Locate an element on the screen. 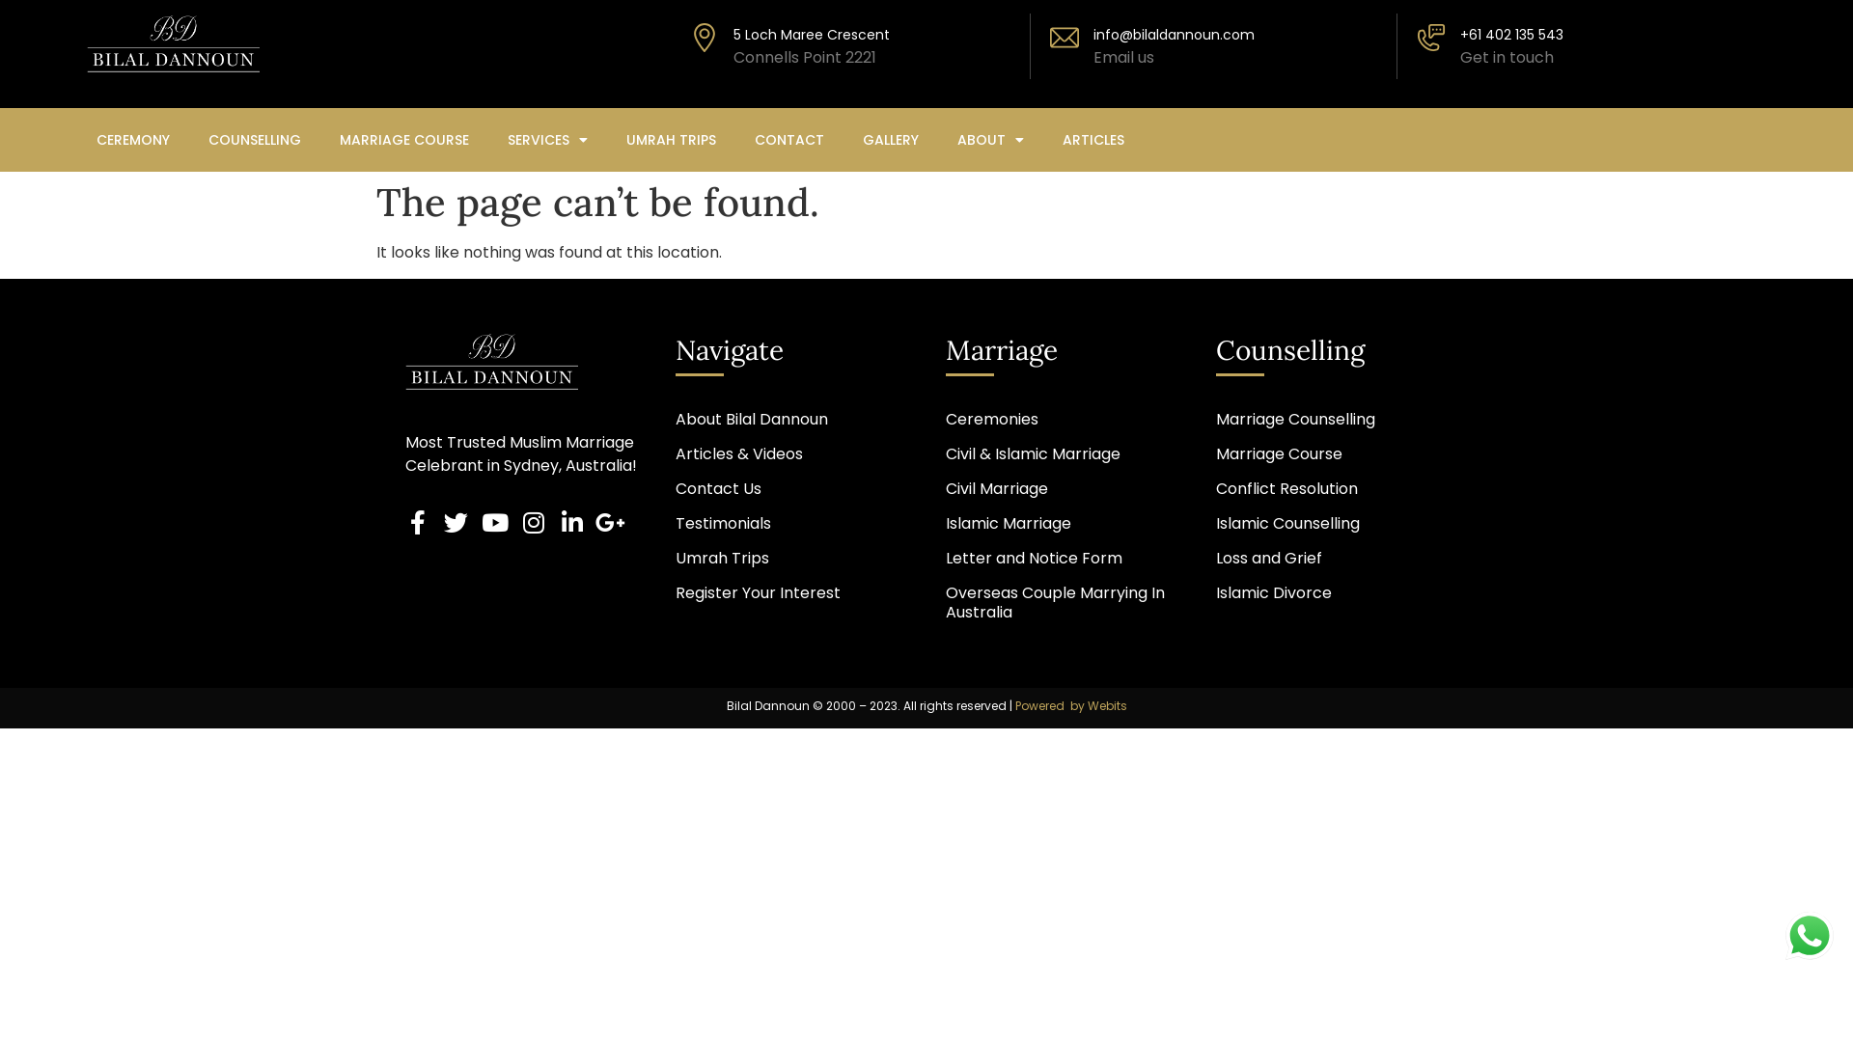 This screenshot has height=1042, width=1853. 'About Bilal Dannoun' is located at coordinates (791, 419).